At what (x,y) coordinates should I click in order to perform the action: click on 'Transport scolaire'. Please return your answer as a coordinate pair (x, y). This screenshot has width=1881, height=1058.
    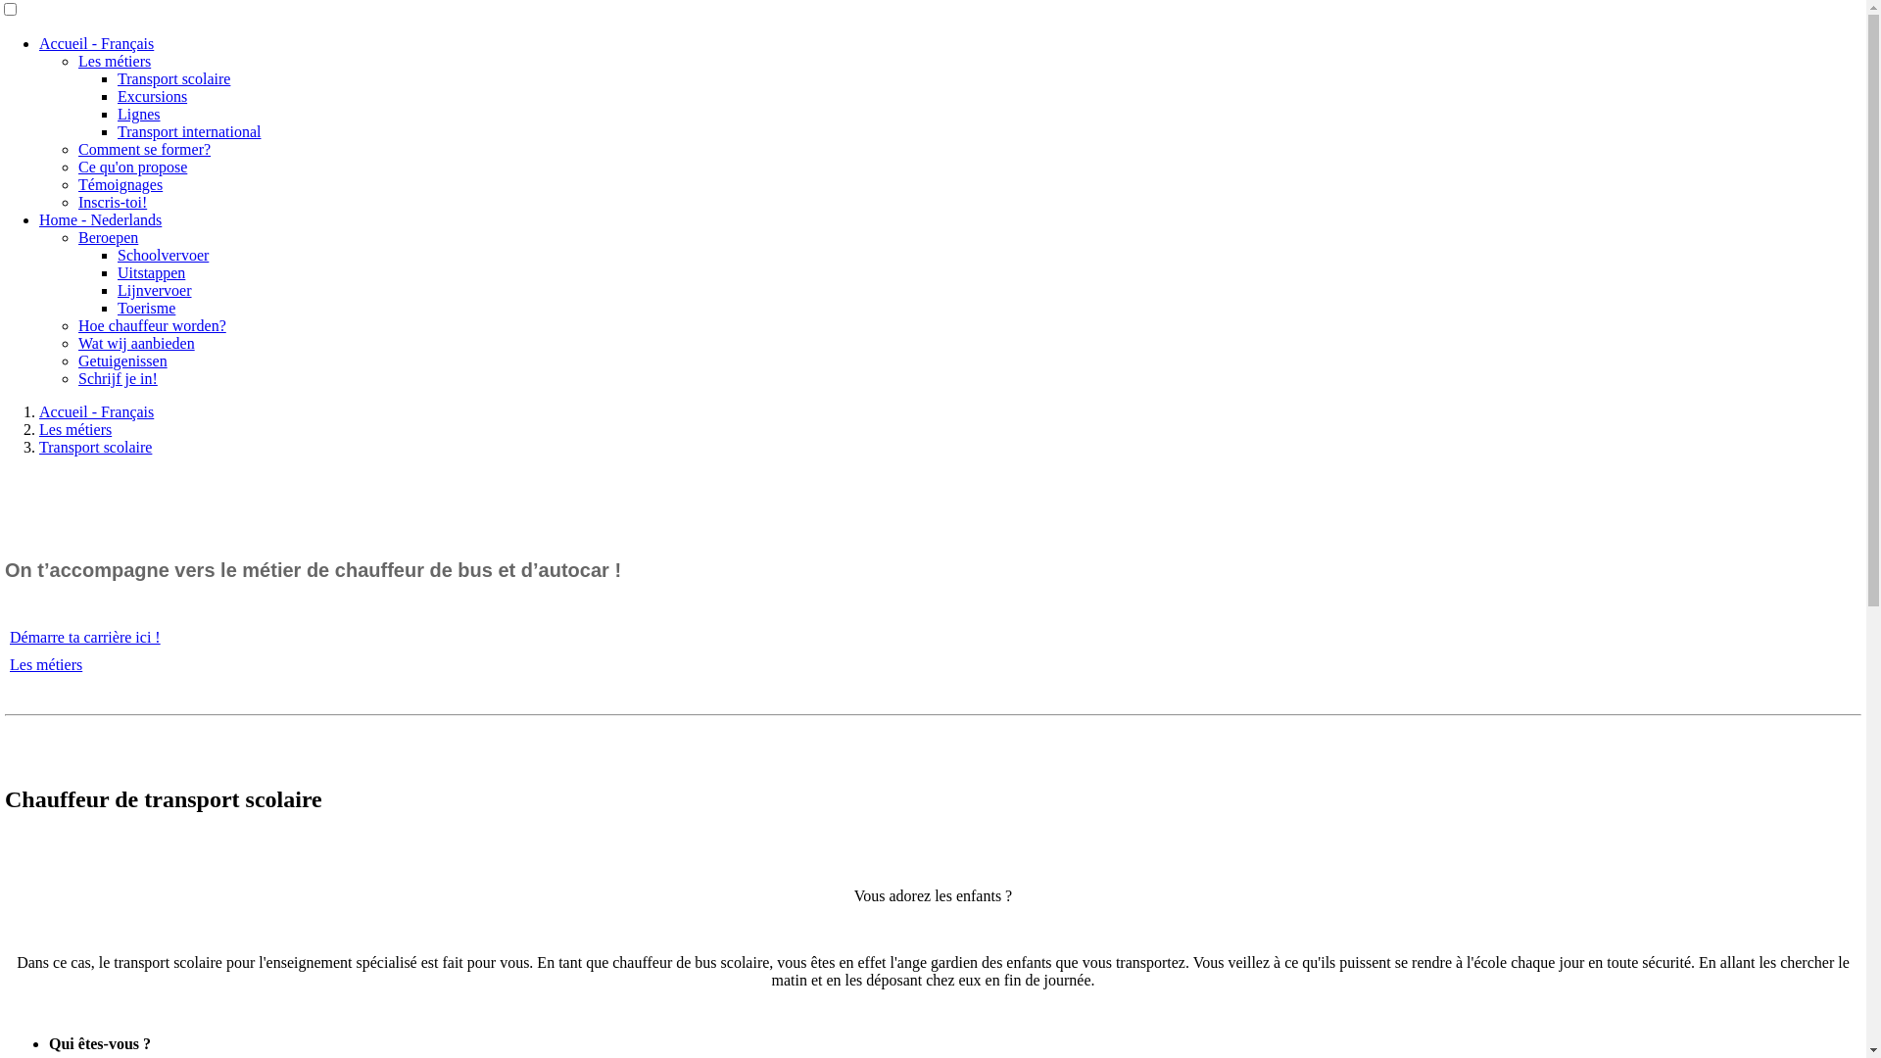
    Looking at the image, I should click on (94, 447).